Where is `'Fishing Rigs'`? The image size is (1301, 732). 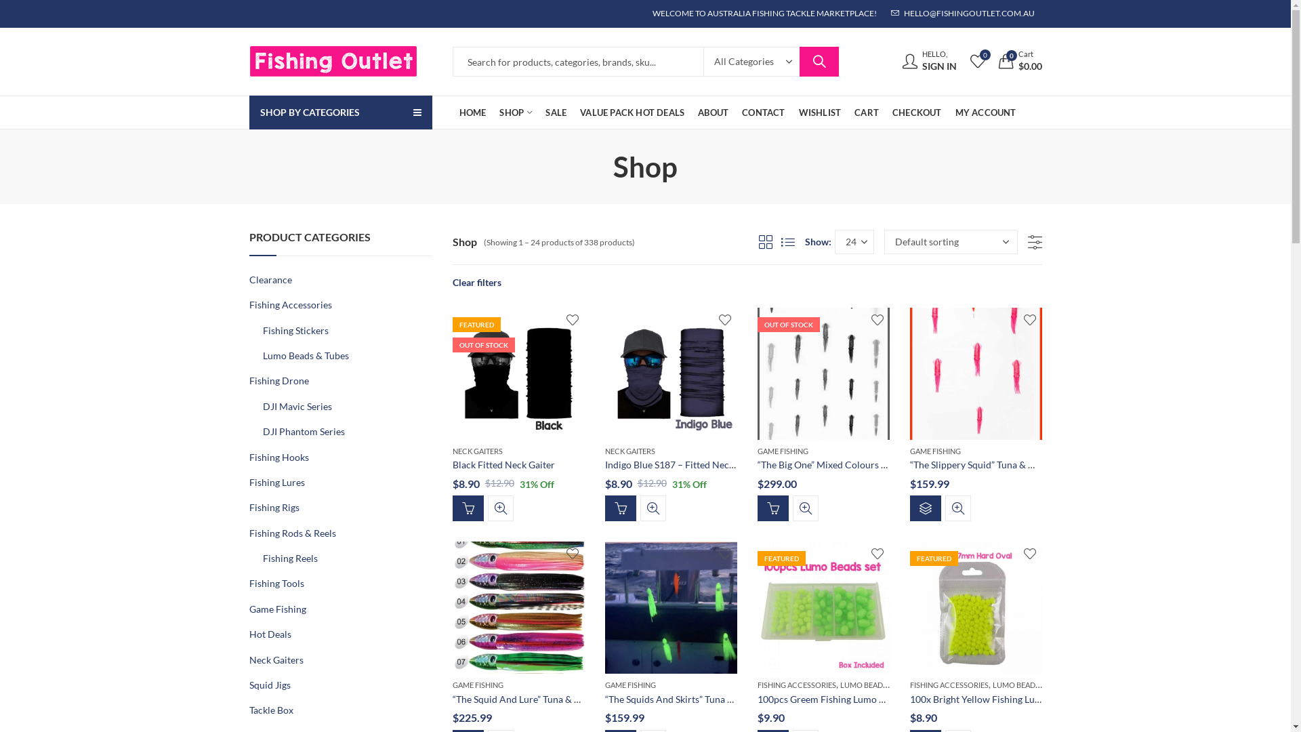 'Fishing Rigs' is located at coordinates (273, 507).